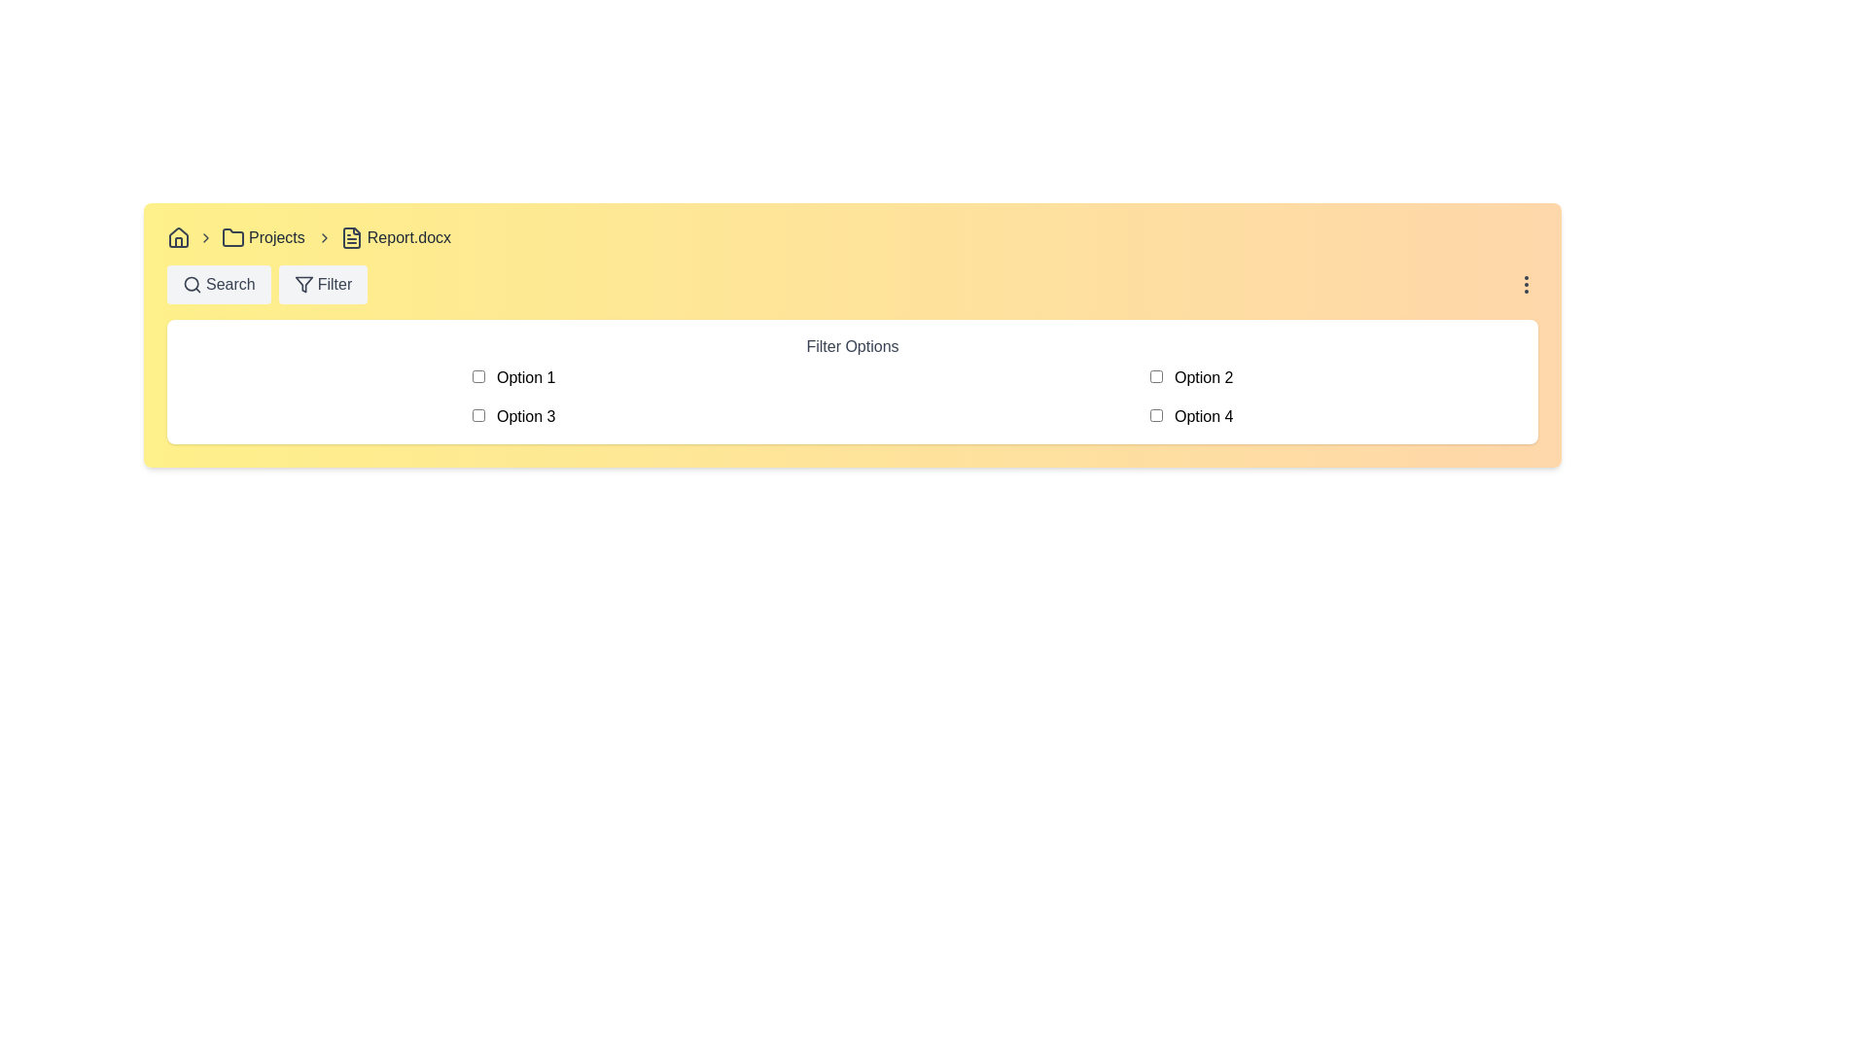 The image size is (1867, 1050). What do you see at coordinates (1190, 415) in the screenshot?
I see `the labeled checkbox with the text 'Option 4'` at bounding box center [1190, 415].